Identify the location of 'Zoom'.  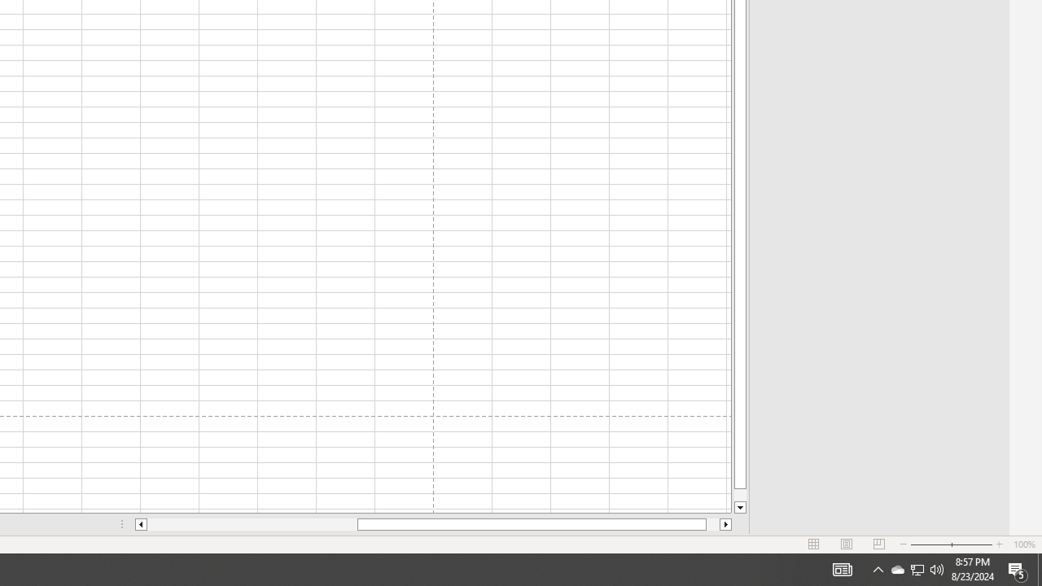
(951, 544).